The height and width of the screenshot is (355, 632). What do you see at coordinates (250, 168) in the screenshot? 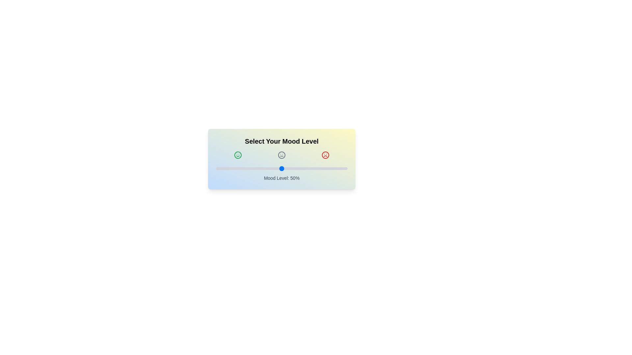
I see `the mood level` at bounding box center [250, 168].